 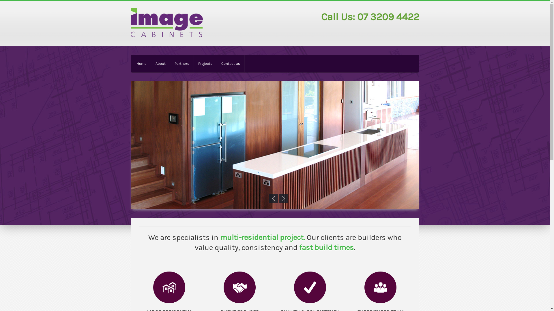 What do you see at coordinates (273, 198) in the screenshot?
I see `'Previous'` at bounding box center [273, 198].